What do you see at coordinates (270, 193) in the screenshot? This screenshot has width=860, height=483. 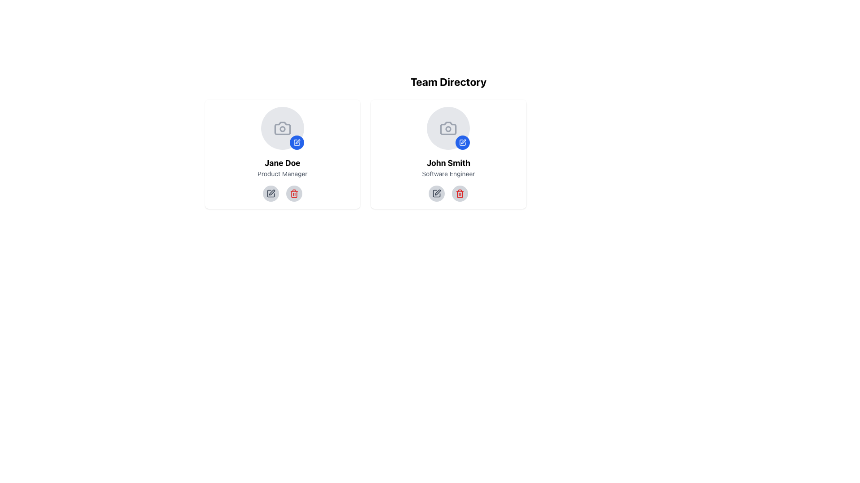 I see `visual changes on hover over the edit icon located at the bottom of the user card under the profile picture` at bounding box center [270, 193].